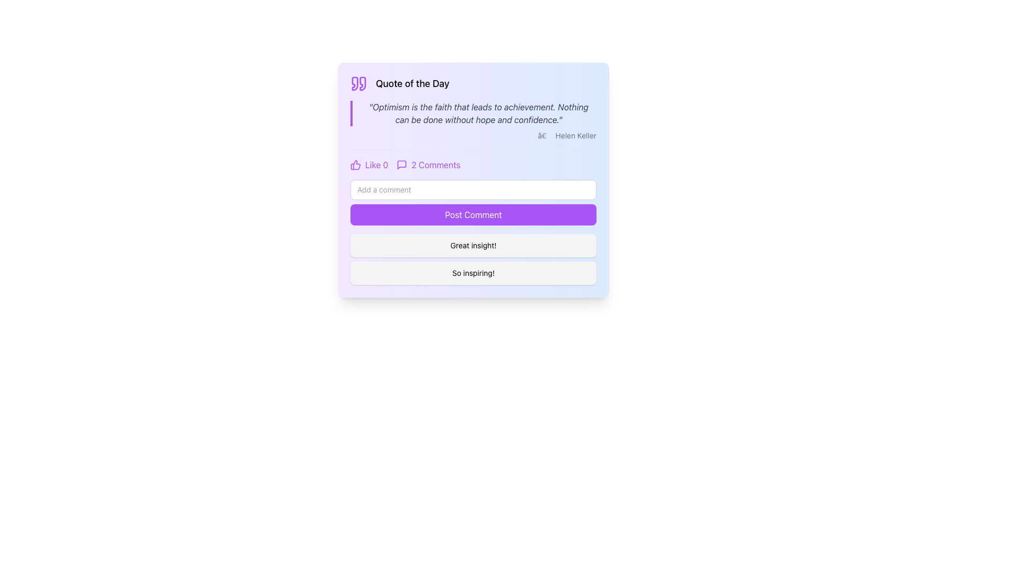 Image resolution: width=1018 pixels, height=573 pixels. I want to click on the static text block styled in italic gray font within the quote box, which reads: 'Optimism is the faith that leads to achievement. Nothing can be done without hope and confidence.', so click(472, 113).